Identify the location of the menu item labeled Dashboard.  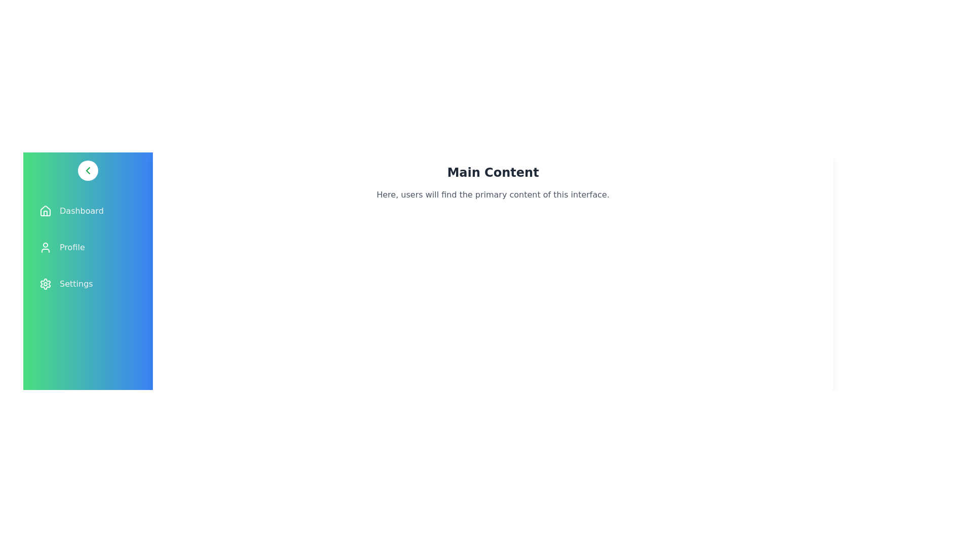
(88, 210).